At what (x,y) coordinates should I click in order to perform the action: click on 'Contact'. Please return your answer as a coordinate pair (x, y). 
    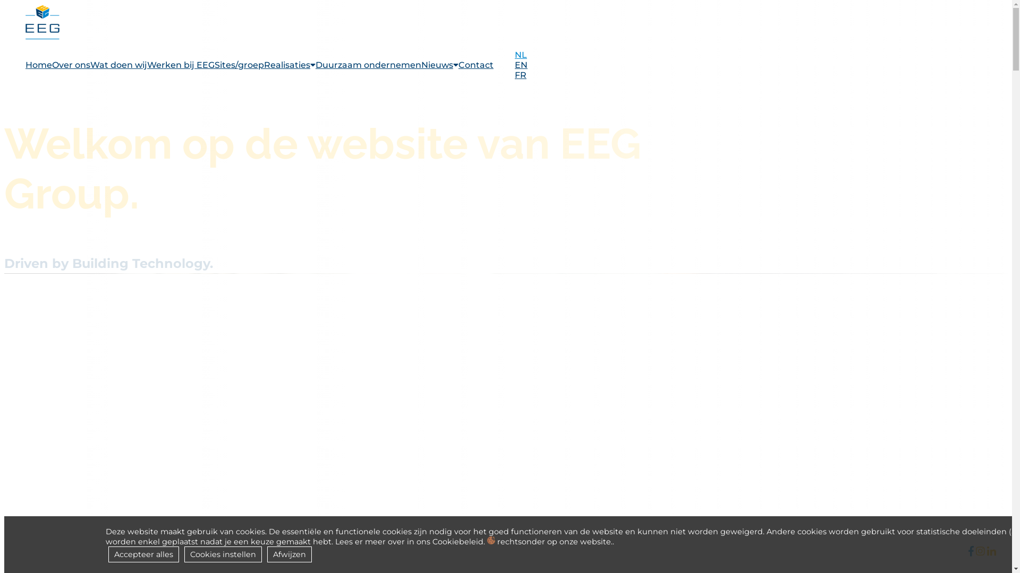
    Looking at the image, I should click on (475, 65).